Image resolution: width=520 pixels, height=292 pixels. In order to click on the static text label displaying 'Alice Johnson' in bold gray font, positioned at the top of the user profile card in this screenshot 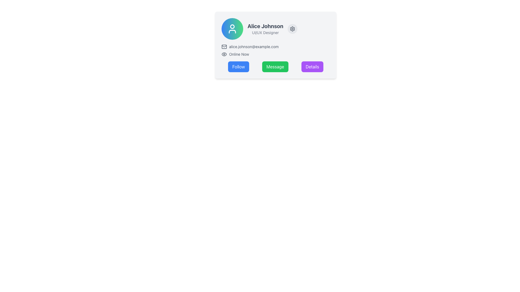, I will do `click(265, 26)`.